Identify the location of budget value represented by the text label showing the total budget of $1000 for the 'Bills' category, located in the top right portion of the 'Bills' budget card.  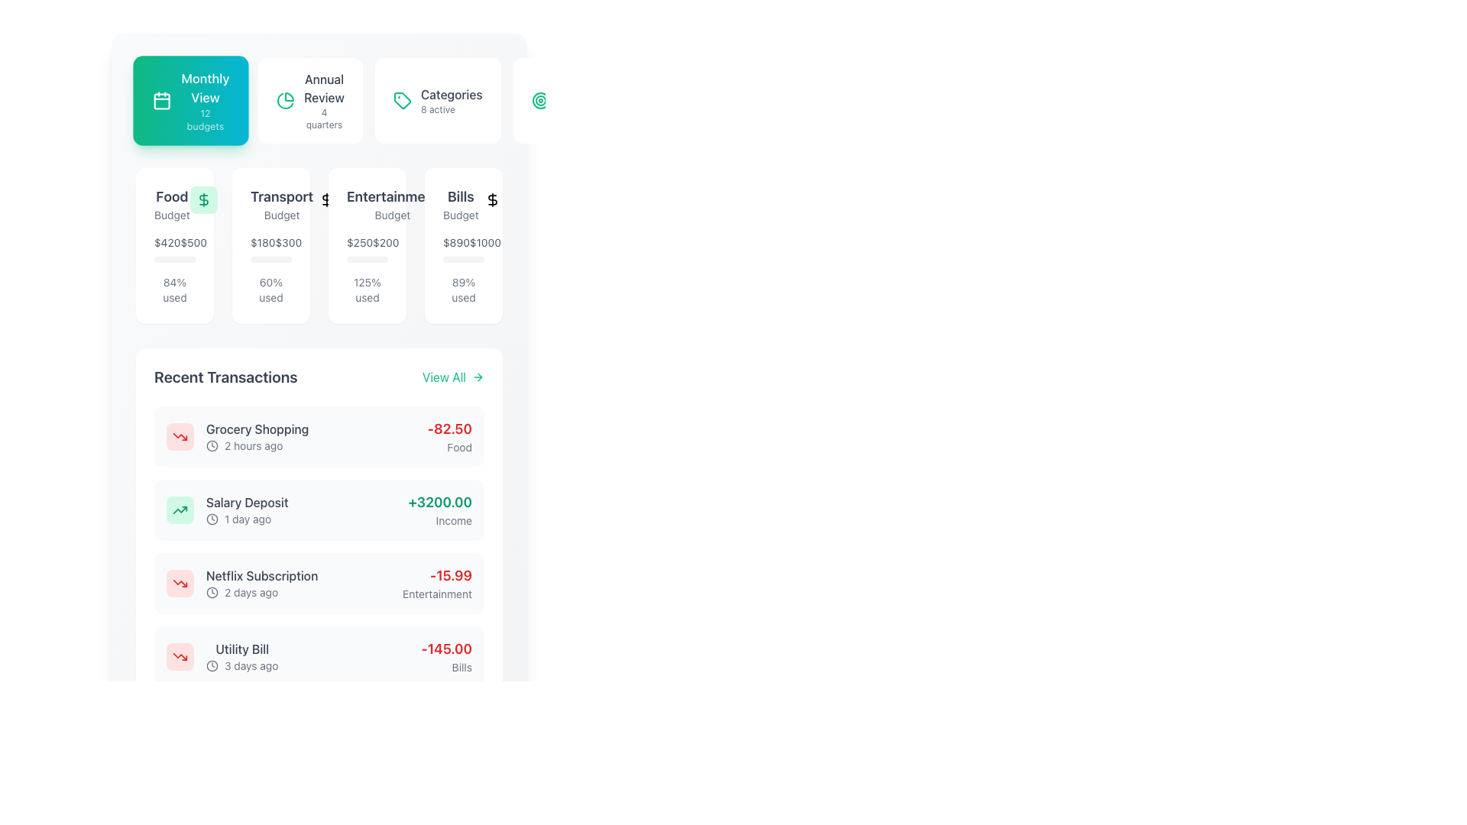
(484, 241).